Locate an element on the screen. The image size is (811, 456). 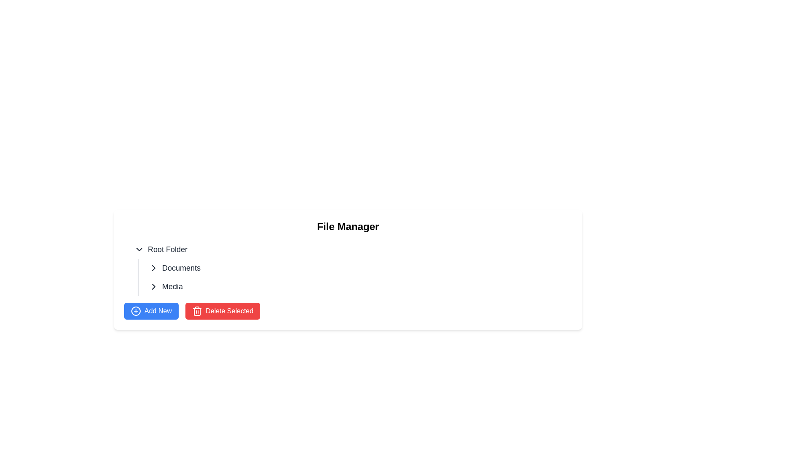
the circular icon with a plus symbol inside the 'Add New' button is located at coordinates (136, 311).